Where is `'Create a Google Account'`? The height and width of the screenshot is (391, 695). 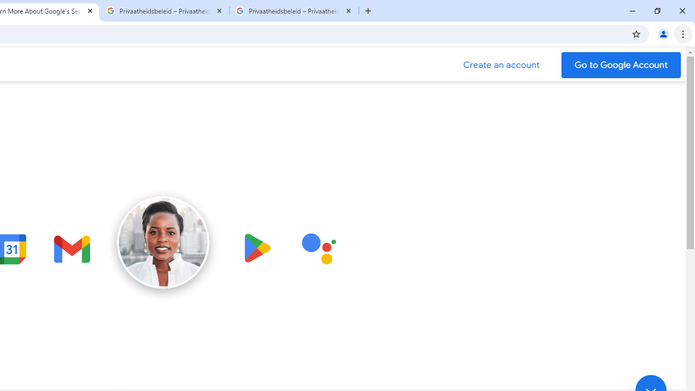 'Create a Google Account' is located at coordinates (501, 65).